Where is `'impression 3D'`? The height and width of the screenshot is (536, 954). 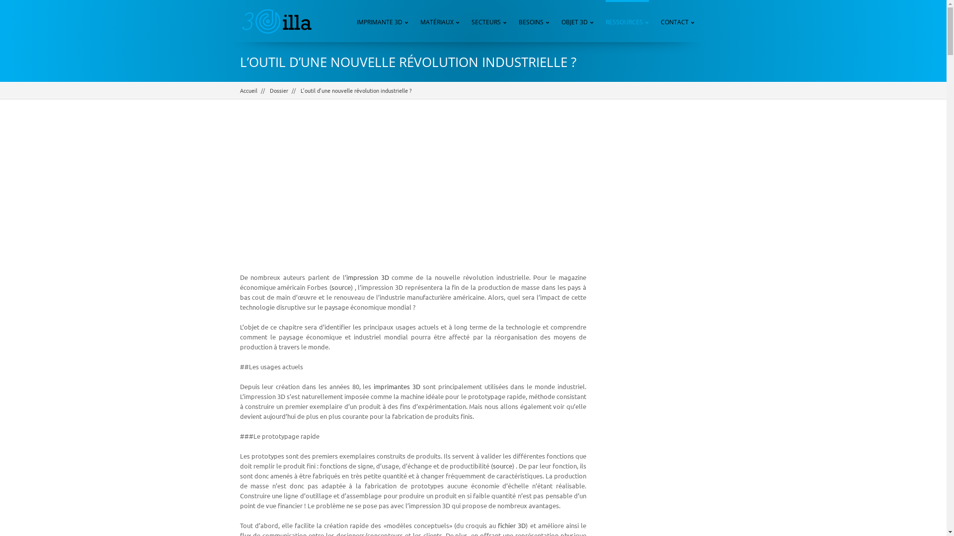
'impression 3D' is located at coordinates (367, 277).